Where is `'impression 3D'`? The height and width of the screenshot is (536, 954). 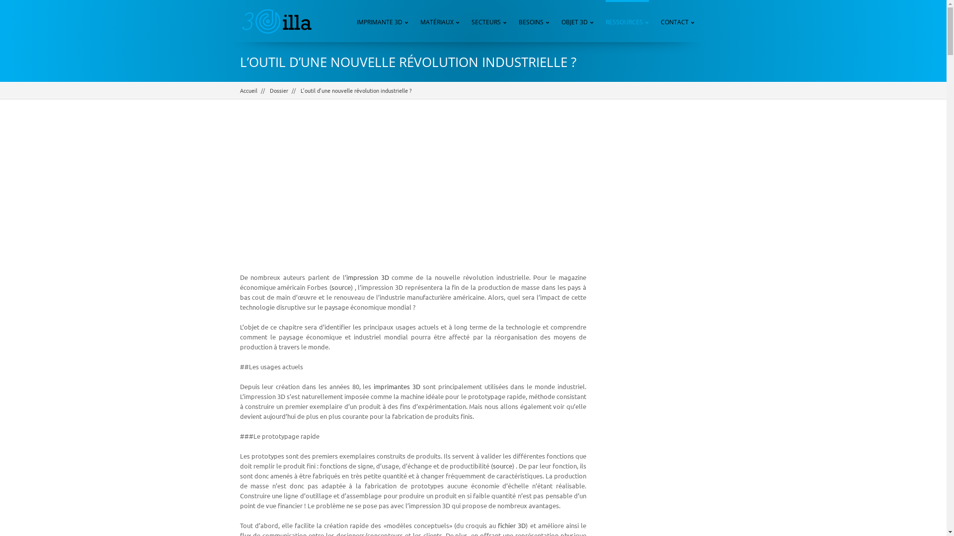
'impression 3D' is located at coordinates (367, 277).